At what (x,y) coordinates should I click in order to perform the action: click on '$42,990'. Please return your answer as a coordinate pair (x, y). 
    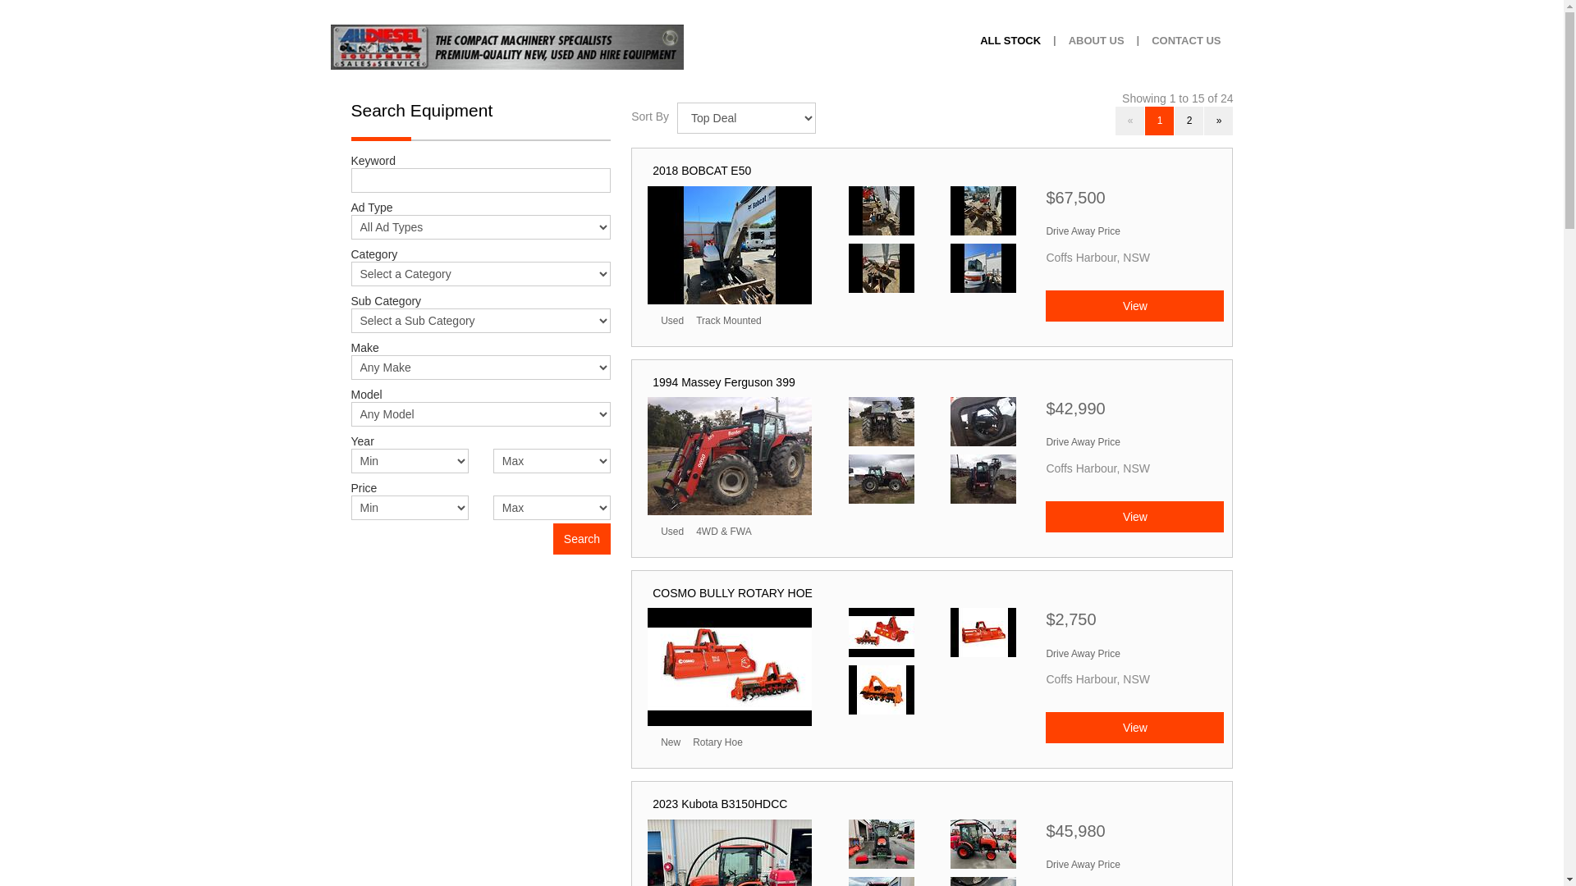
    Looking at the image, I should click on (1134, 412).